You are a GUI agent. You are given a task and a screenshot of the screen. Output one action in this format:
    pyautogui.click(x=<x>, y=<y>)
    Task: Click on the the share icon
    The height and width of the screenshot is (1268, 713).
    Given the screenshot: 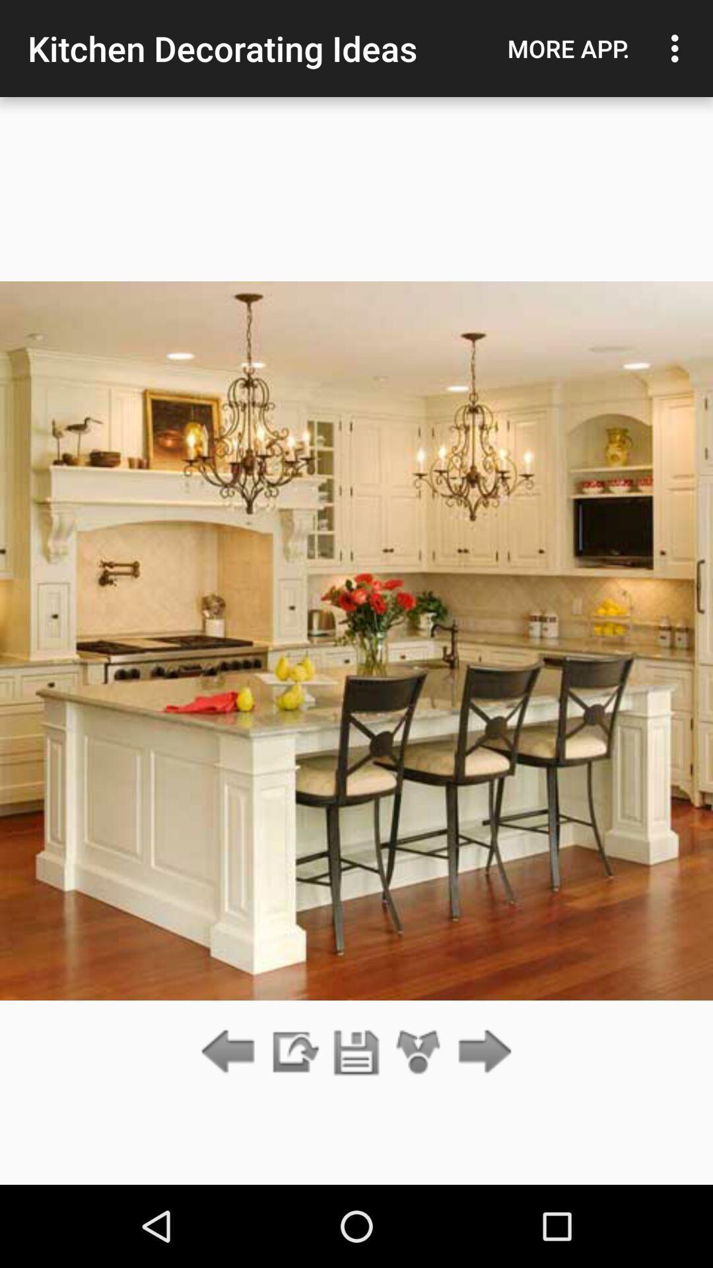 What is the action you would take?
    pyautogui.click(x=419, y=1052)
    